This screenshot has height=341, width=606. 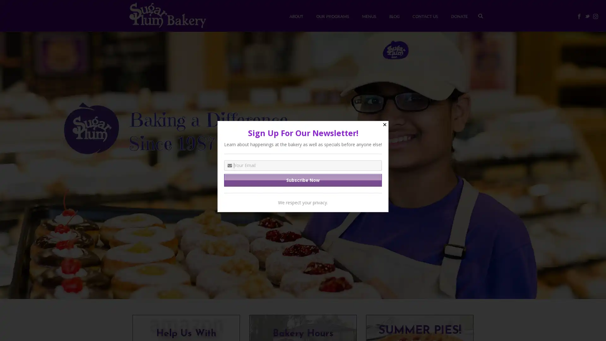 What do you see at coordinates (303, 180) in the screenshot?
I see `Subscribe Now` at bounding box center [303, 180].